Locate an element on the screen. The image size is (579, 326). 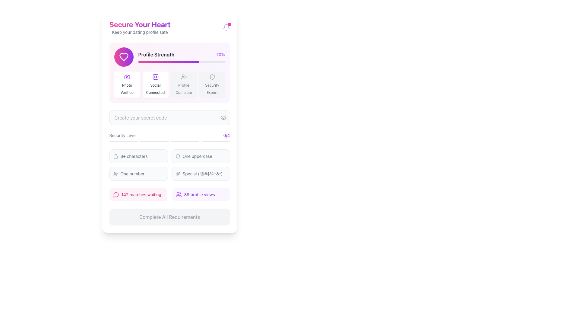
the Informational Button with a pink background and text reading '142 matches waiting' is located at coordinates (138, 194).